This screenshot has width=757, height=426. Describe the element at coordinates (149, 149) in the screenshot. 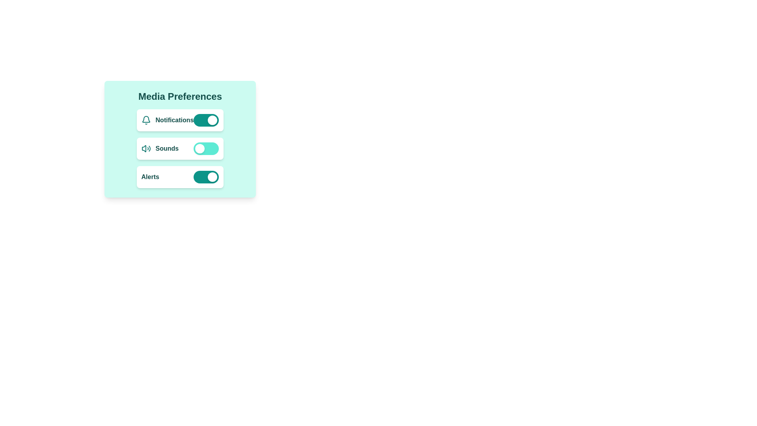

I see `the rightmost arc-like graphical icon in the 'Sounds' preference section of the Media Preferences card, which visually conveys volume or sound-related information` at that location.